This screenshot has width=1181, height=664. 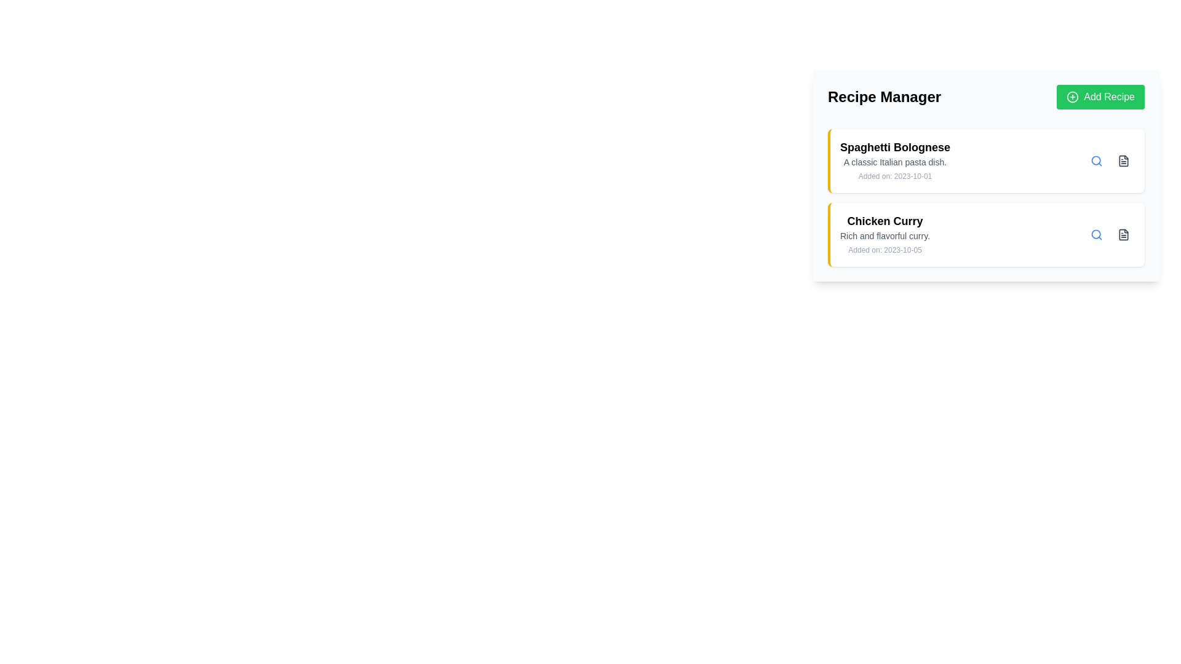 What do you see at coordinates (986, 234) in the screenshot?
I see `the 'Chicken Curry' recipe card located in the lower section of the card stack` at bounding box center [986, 234].